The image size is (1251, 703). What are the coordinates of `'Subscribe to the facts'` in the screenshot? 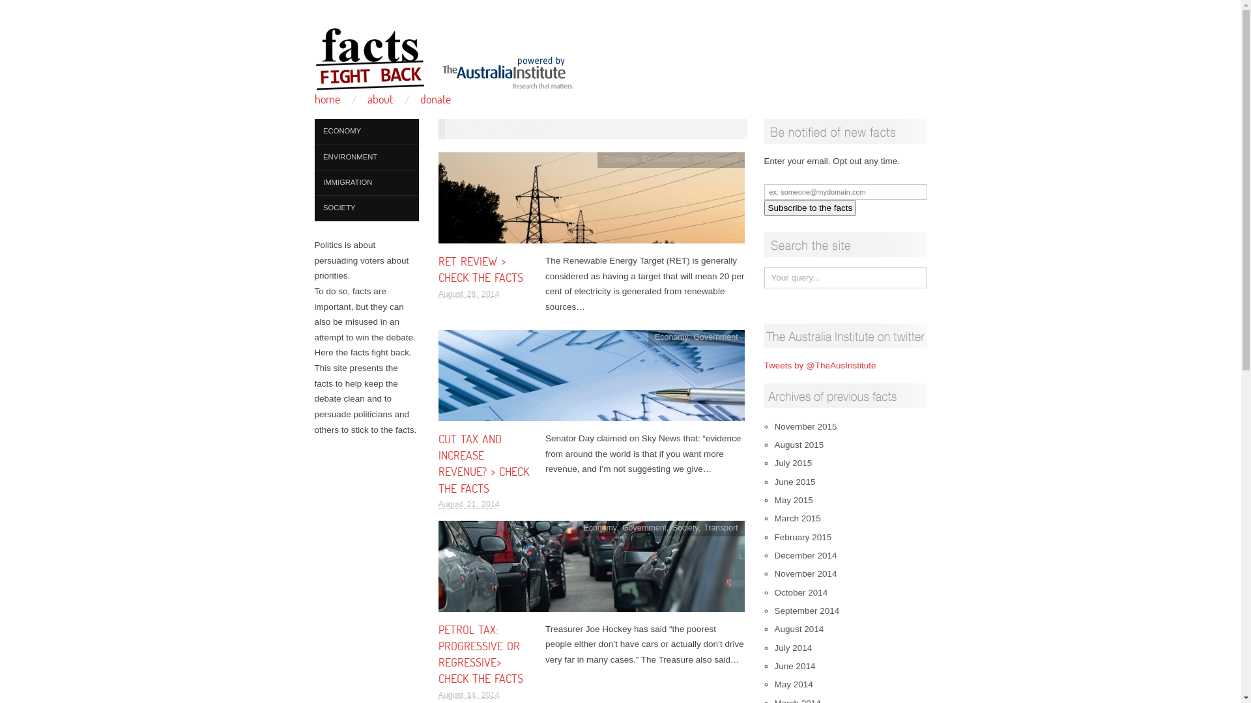 It's located at (809, 207).